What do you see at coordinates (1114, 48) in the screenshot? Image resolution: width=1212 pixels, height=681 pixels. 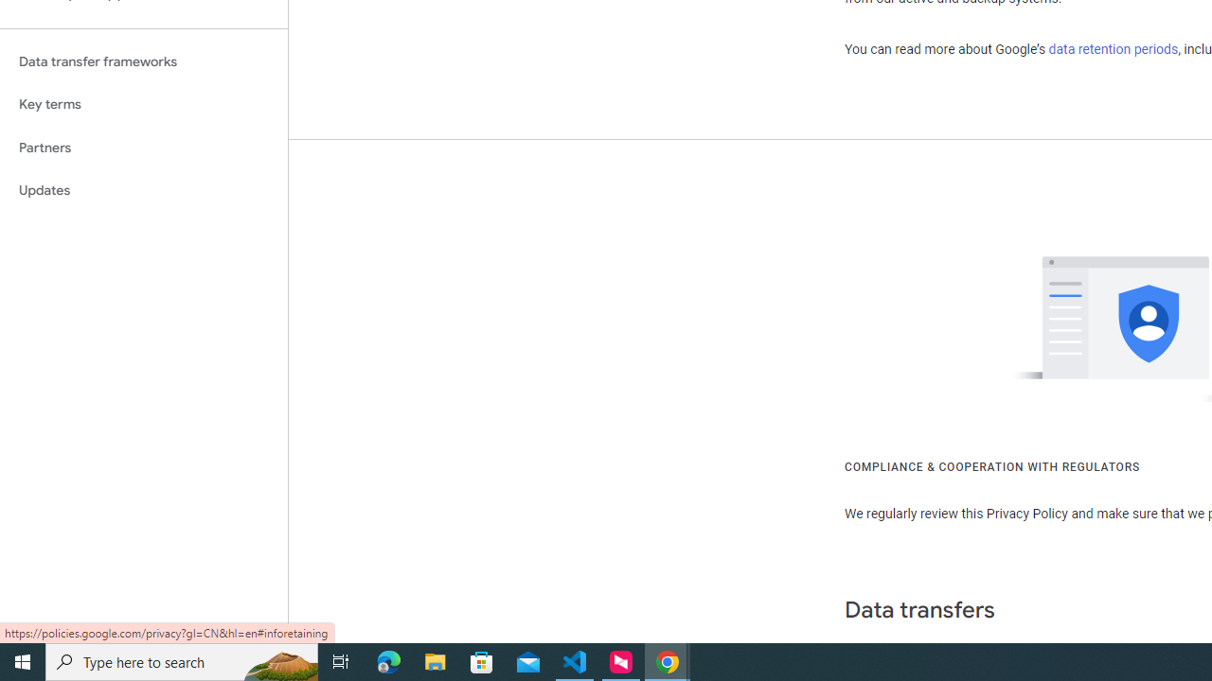 I see `'data retention periods'` at bounding box center [1114, 48].